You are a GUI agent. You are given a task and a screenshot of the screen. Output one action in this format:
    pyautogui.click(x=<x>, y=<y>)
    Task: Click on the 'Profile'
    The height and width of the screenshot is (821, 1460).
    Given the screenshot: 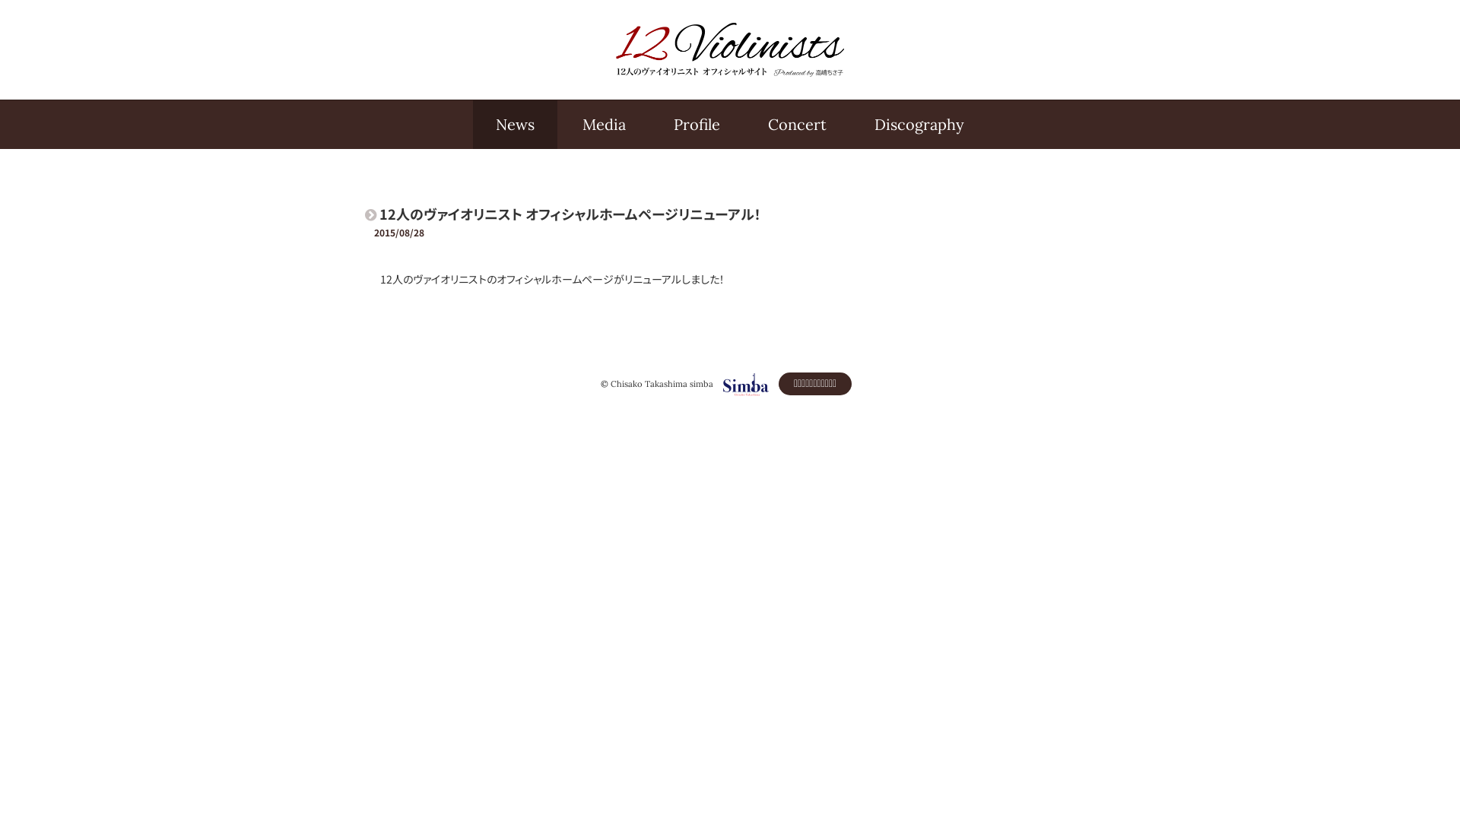 What is the action you would take?
    pyautogui.click(x=696, y=124)
    